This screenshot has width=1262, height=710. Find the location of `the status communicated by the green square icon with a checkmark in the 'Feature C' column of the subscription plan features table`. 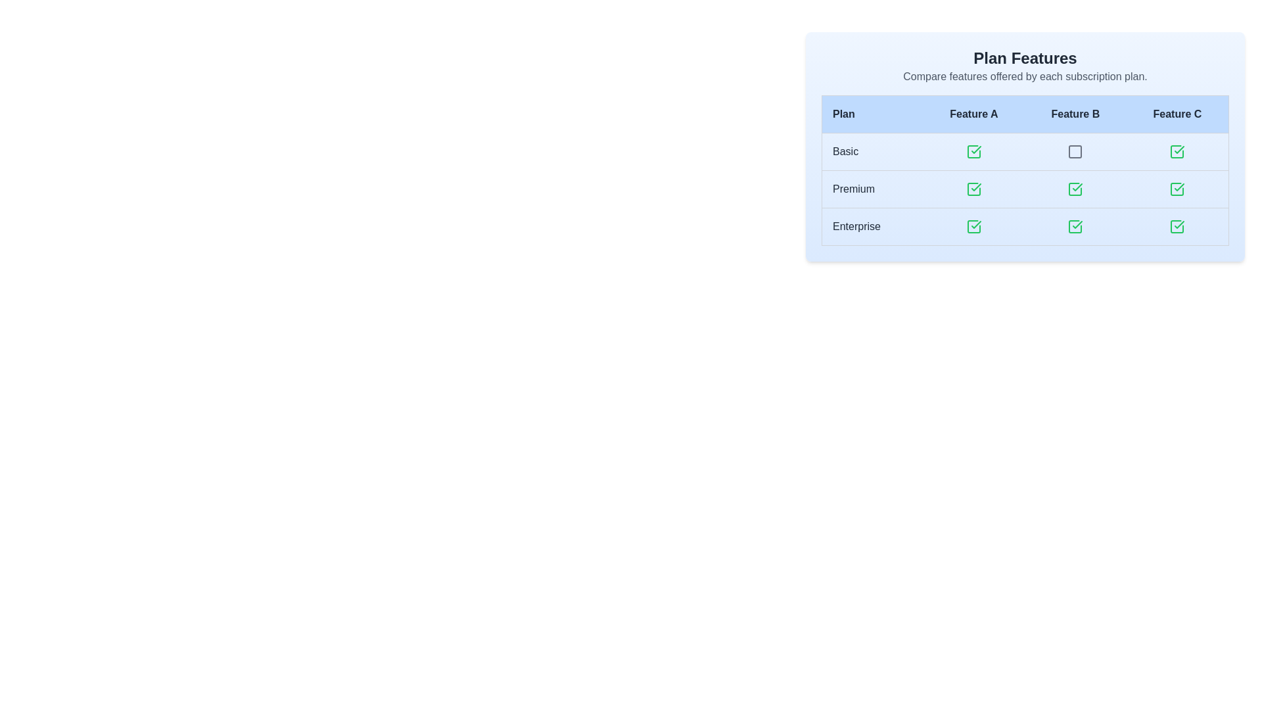

the status communicated by the green square icon with a checkmark in the 'Feature C' column of the subscription plan features table is located at coordinates (1177, 151).